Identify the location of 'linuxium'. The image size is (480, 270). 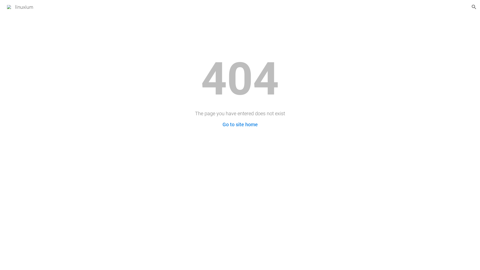
(20, 6).